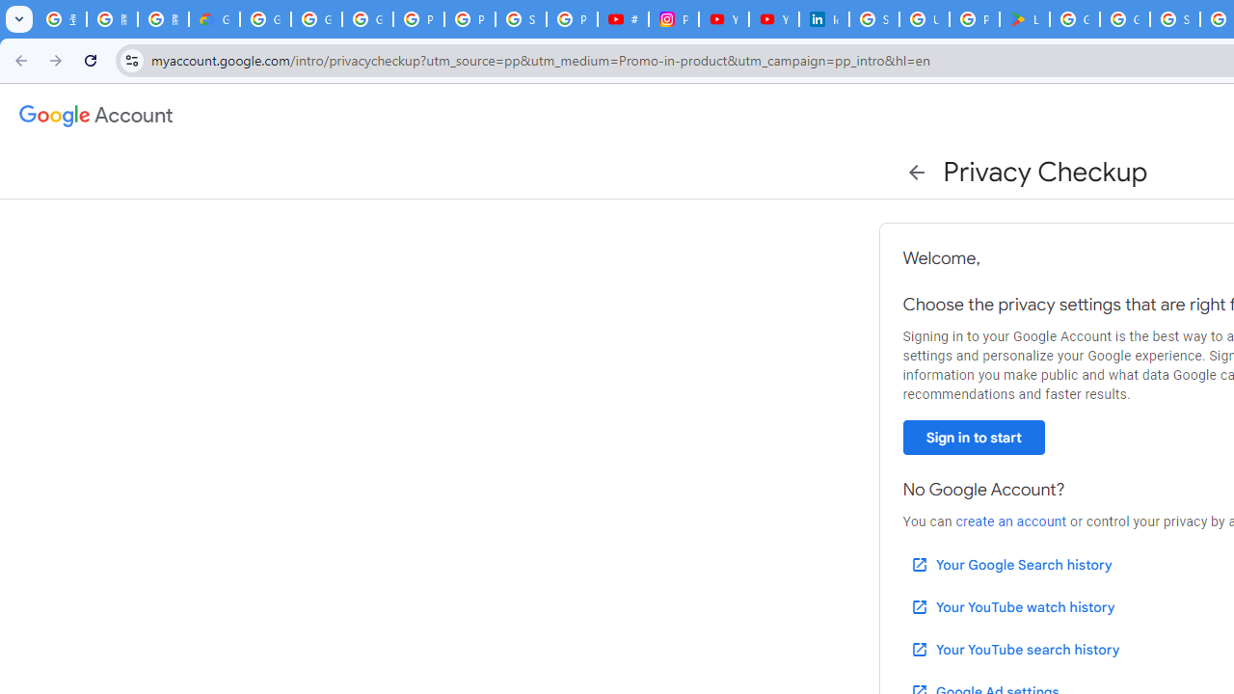 This screenshot has height=694, width=1234. I want to click on 'Your YouTube watch history', so click(1011, 607).